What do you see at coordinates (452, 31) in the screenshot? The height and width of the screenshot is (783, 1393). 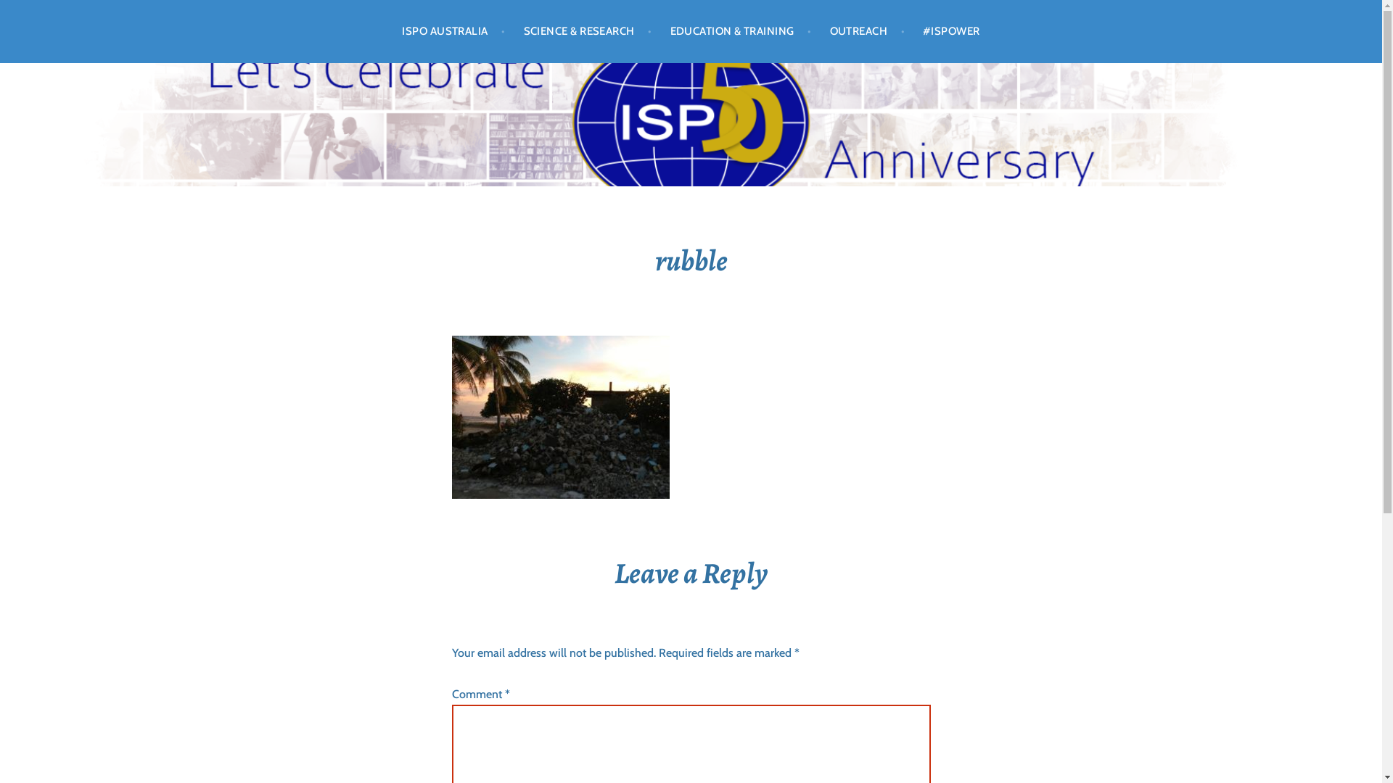 I see `'ISPO AUSTRALIA'` at bounding box center [452, 31].